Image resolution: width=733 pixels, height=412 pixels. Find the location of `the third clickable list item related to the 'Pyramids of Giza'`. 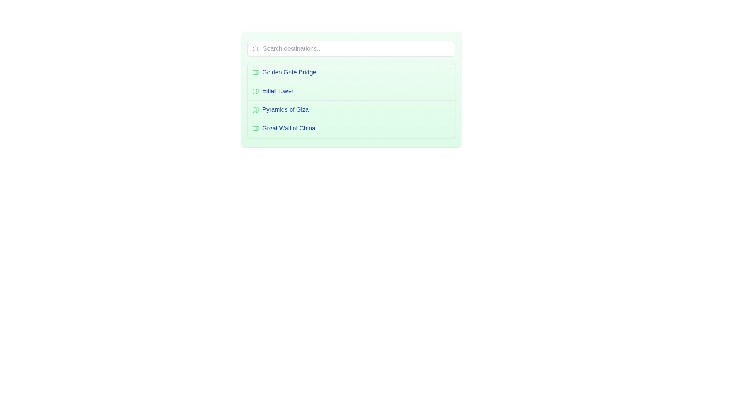

the third clickable list item related to the 'Pyramids of Giza' is located at coordinates (351, 109).